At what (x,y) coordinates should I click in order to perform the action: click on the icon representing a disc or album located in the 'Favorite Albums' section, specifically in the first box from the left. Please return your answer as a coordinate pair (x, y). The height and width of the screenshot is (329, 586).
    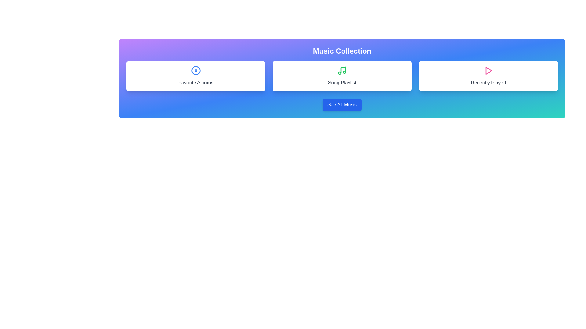
    Looking at the image, I should click on (196, 70).